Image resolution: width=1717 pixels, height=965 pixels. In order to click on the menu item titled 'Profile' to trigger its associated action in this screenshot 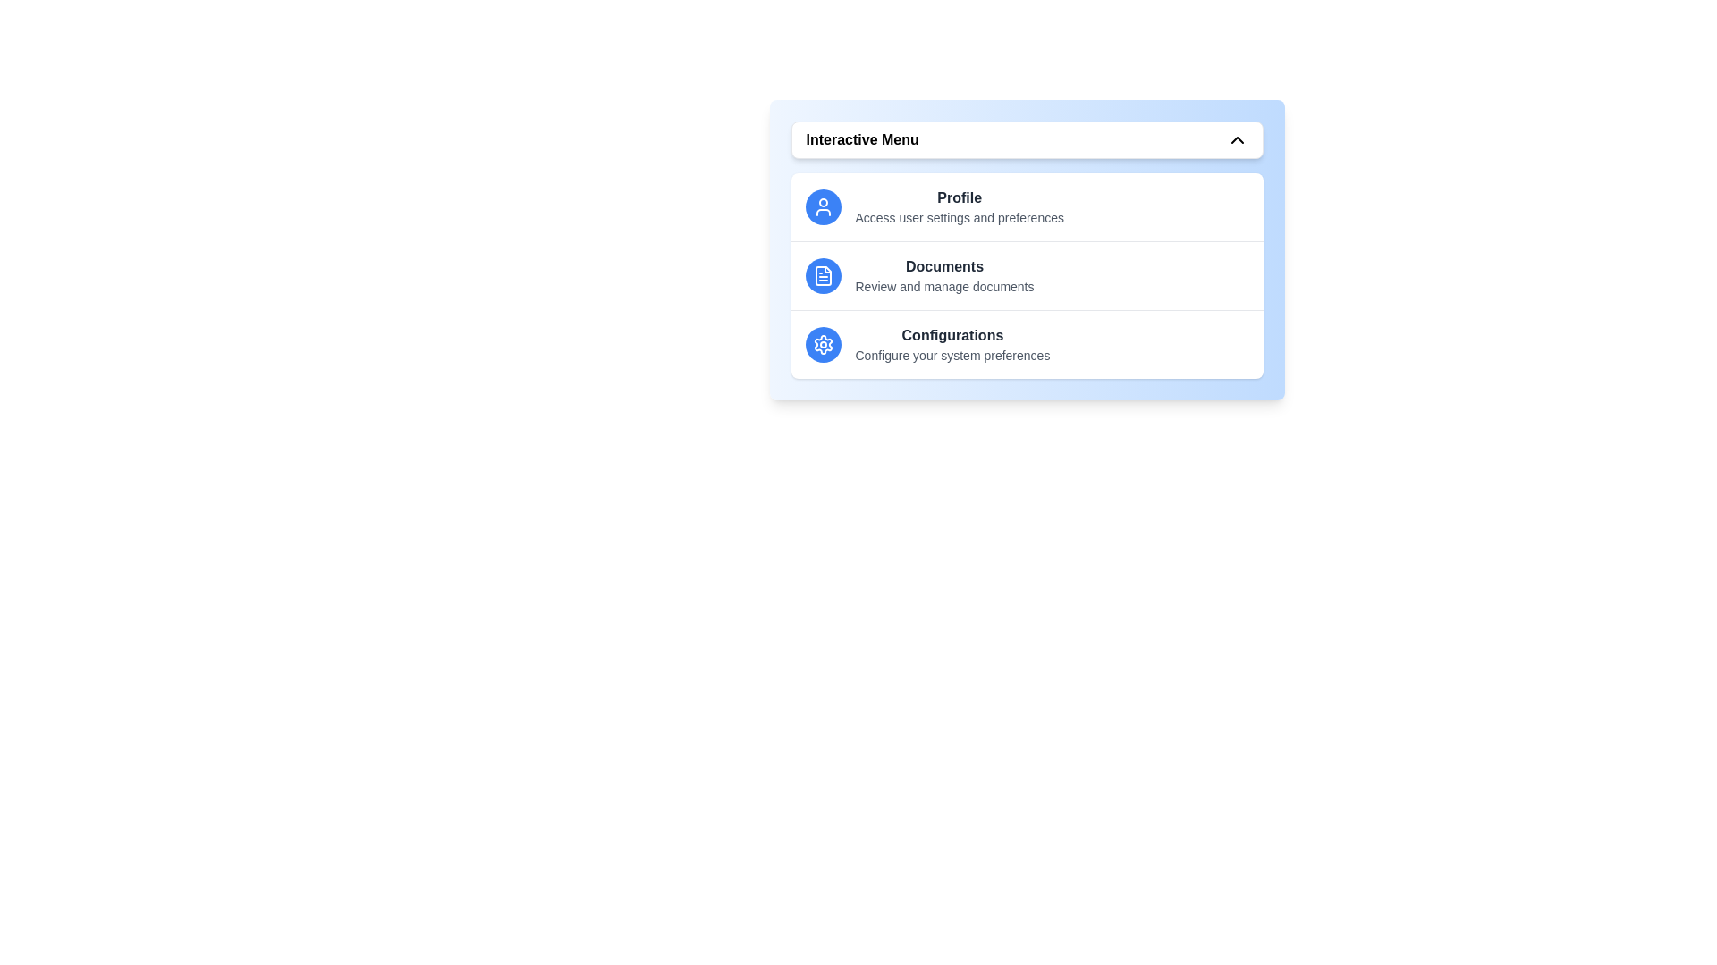, I will do `click(959, 198)`.